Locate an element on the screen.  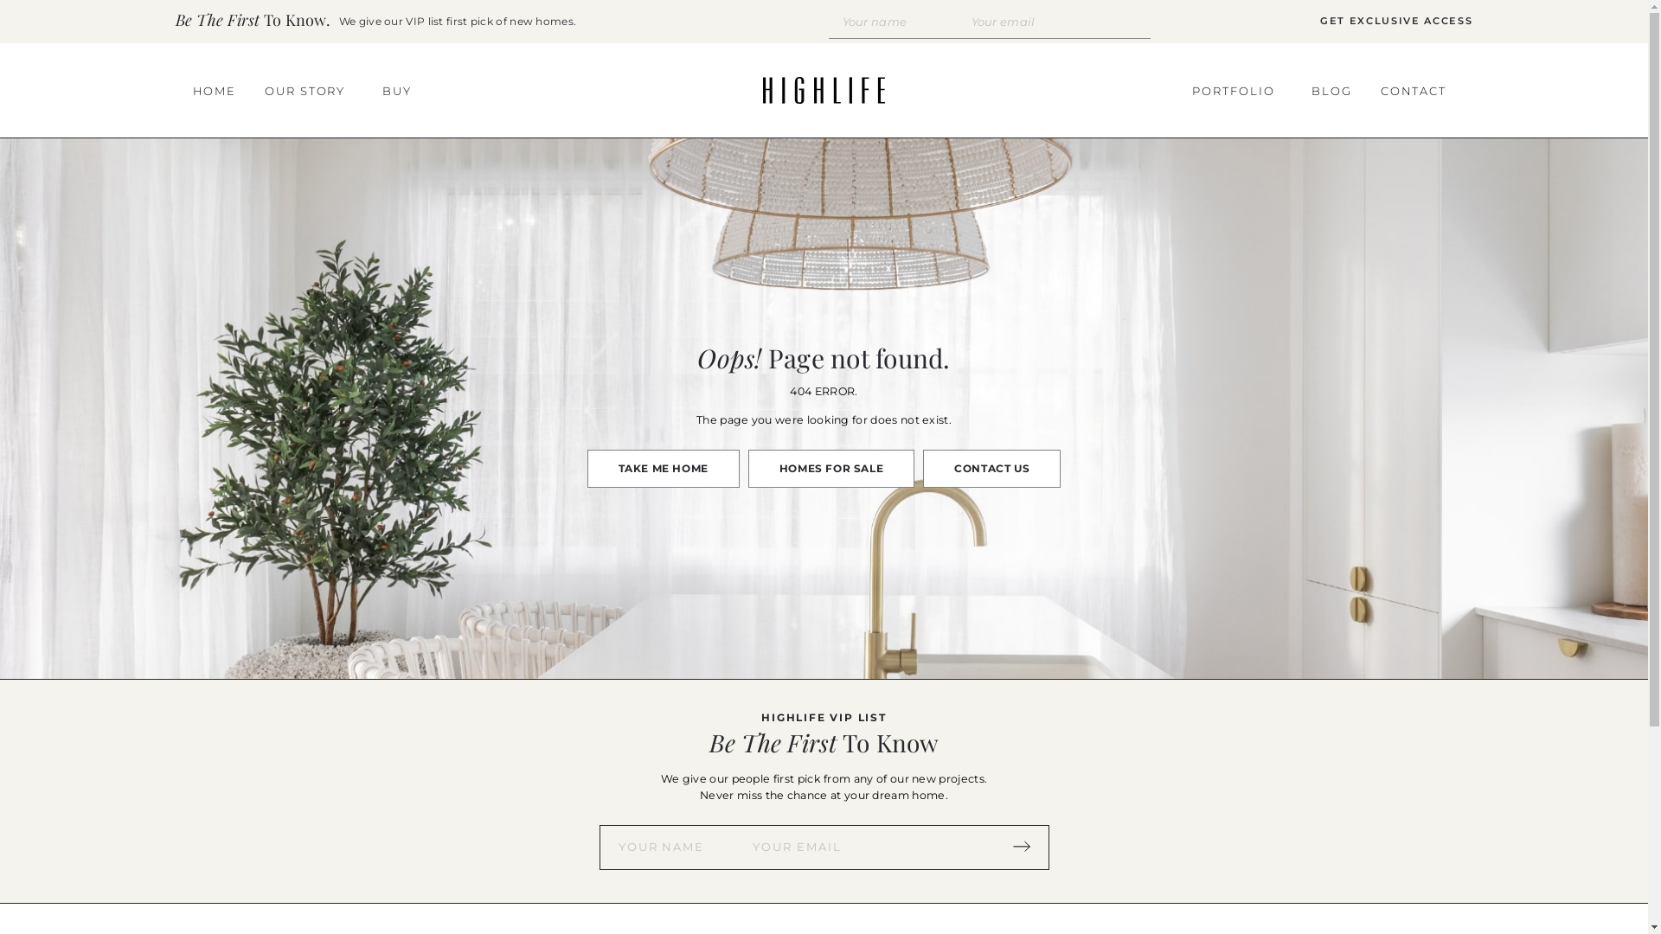
'HOMES FOR SALE' is located at coordinates (830, 469).